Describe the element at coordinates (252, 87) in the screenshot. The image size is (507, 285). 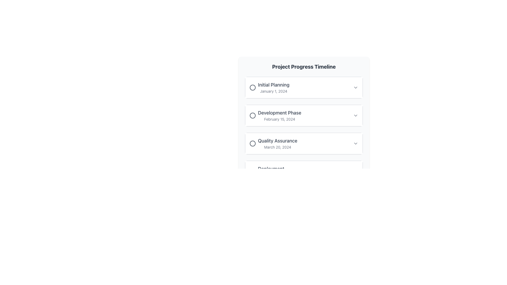
I see `the Circle icon that indicates the status or type for 'Initial Planning', positioned left of the text and above 'January 1, 2024'` at that location.